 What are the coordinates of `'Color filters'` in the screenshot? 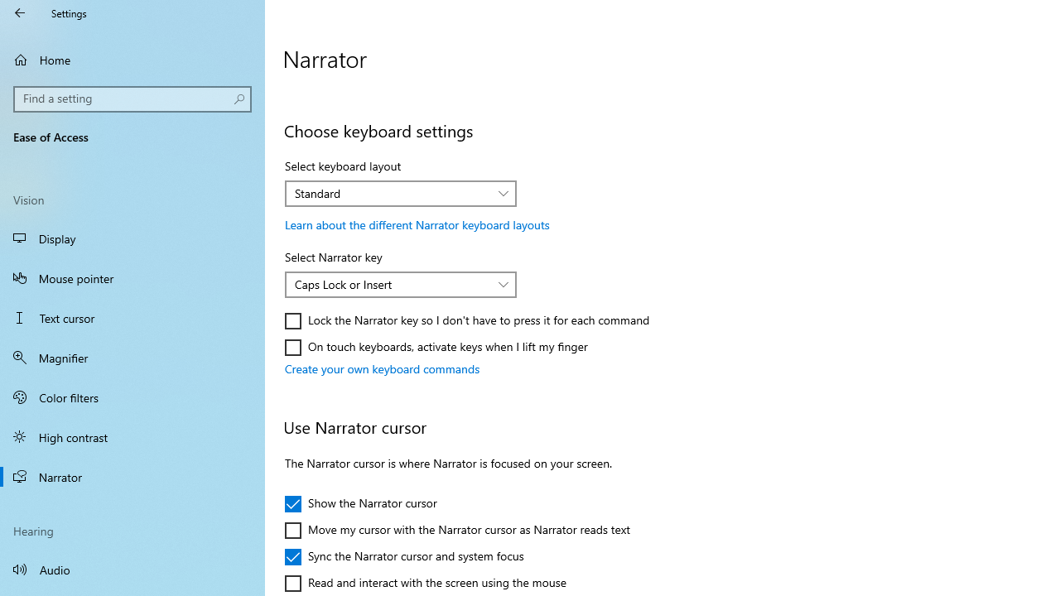 It's located at (132, 397).